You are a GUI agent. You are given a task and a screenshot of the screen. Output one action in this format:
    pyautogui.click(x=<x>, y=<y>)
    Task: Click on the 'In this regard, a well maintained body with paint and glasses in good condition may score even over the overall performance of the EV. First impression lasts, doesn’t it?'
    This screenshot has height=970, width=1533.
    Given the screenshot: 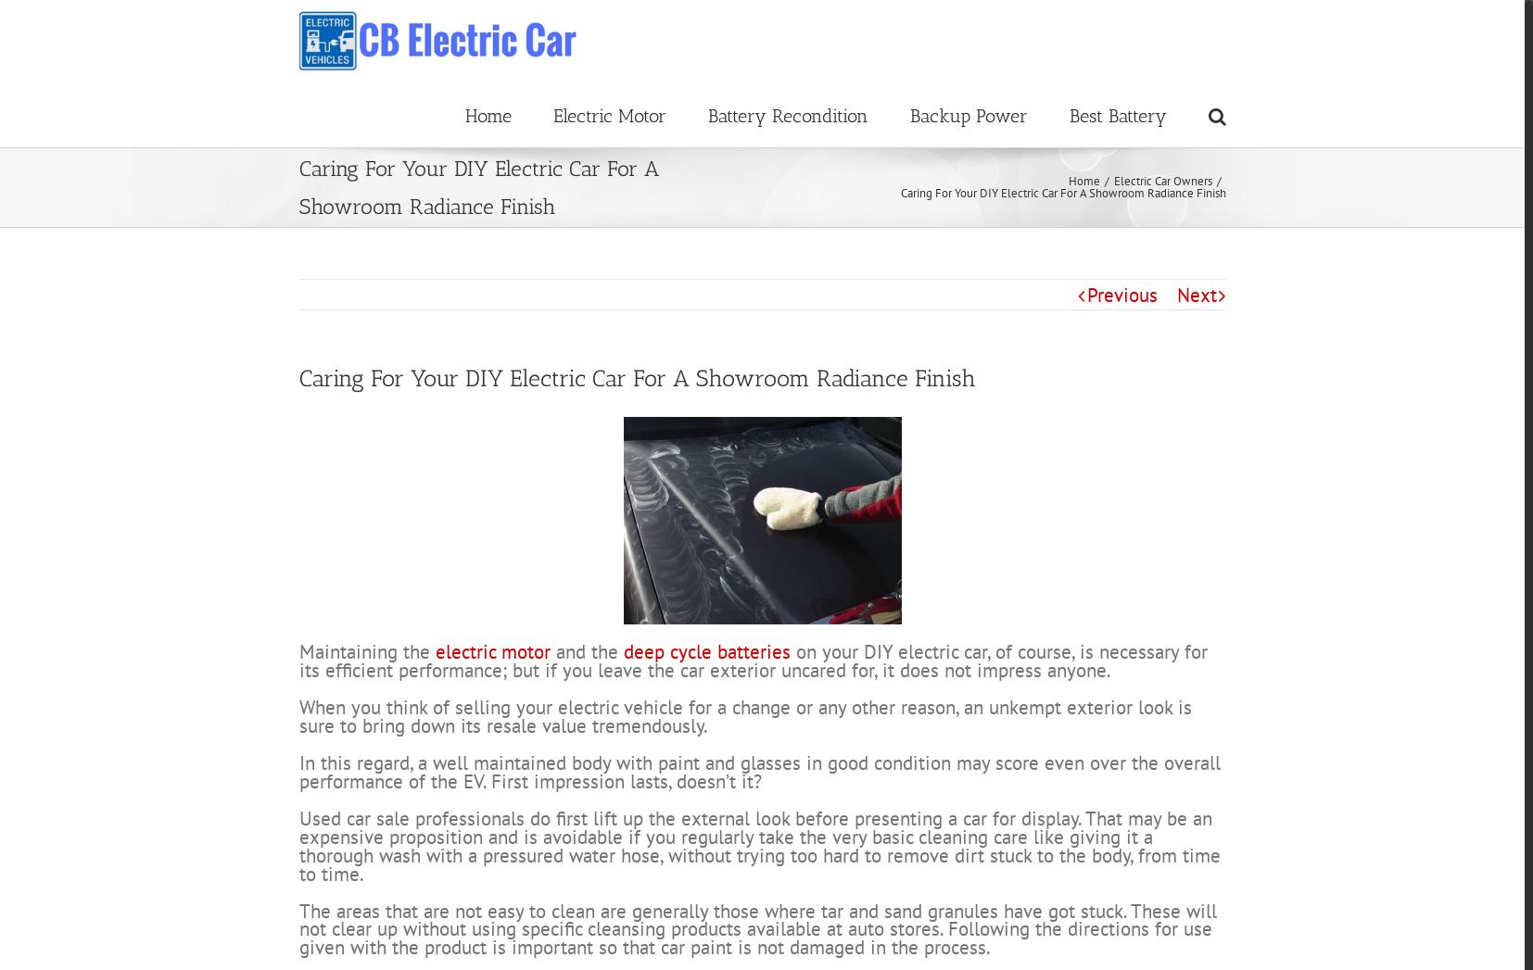 What is the action you would take?
    pyautogui.click(x=759, y=839)
    